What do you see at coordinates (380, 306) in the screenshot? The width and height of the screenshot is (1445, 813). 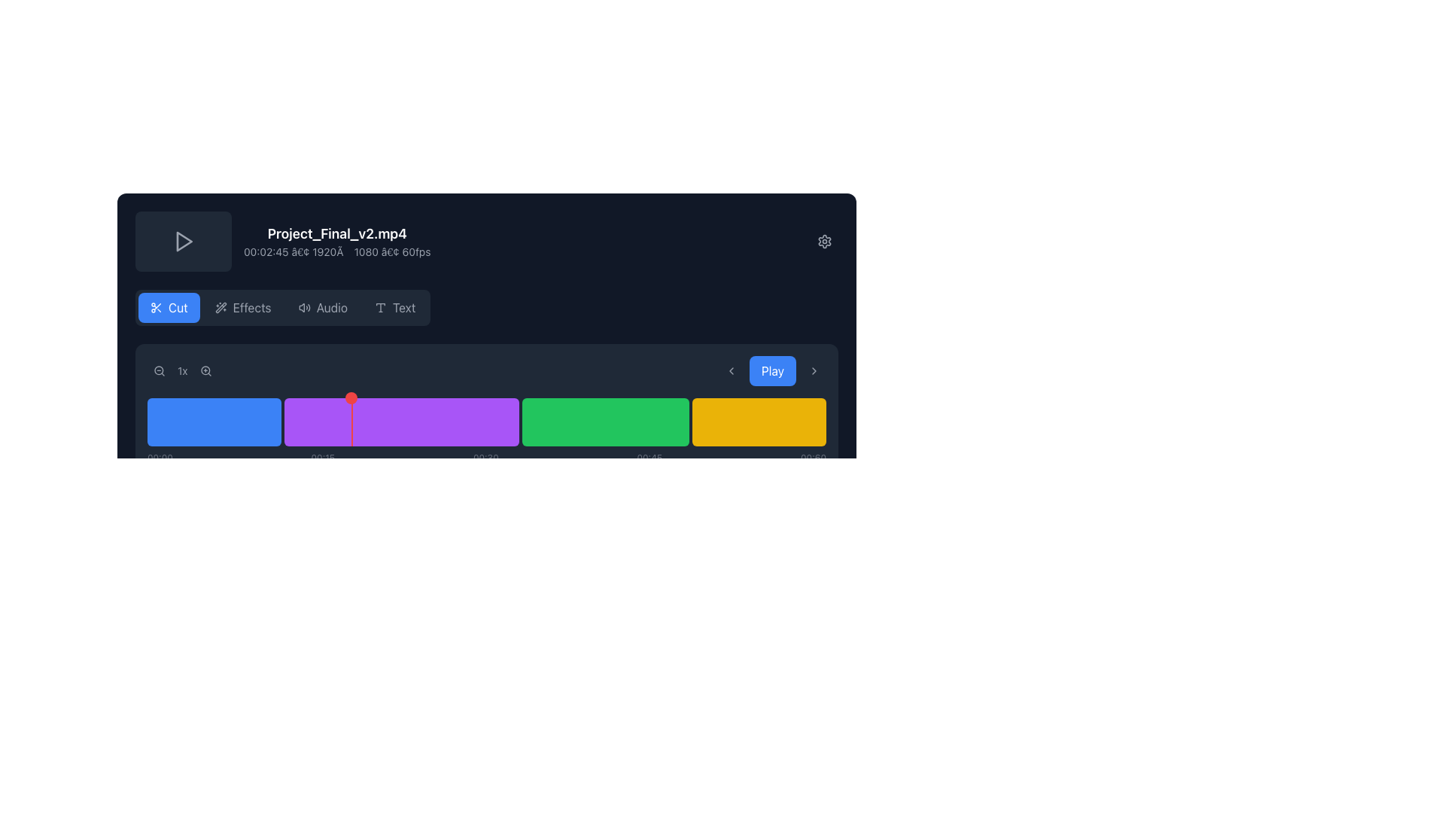 I see `the small icon button styled with a gray outline representing the letter 'T'` at bounding box center [380, 306].